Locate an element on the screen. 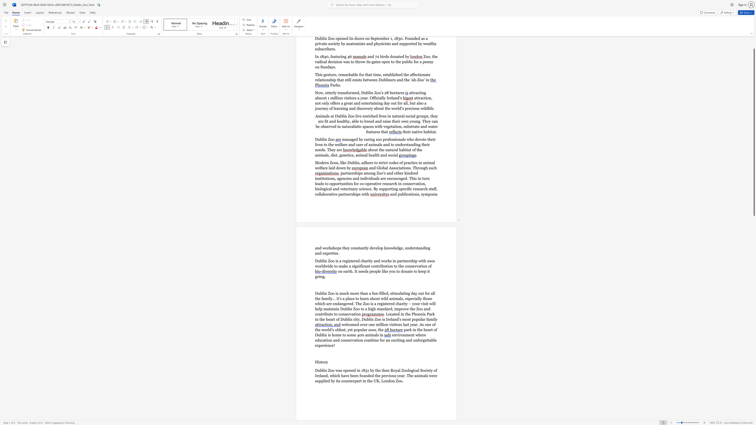 This screenshot has height=425, width=756. the subset text "es open to" within the text "Zoo, the radical decision was to throw its gates open to the public for a penny on Sundays." is located at coordinates (377, 62).